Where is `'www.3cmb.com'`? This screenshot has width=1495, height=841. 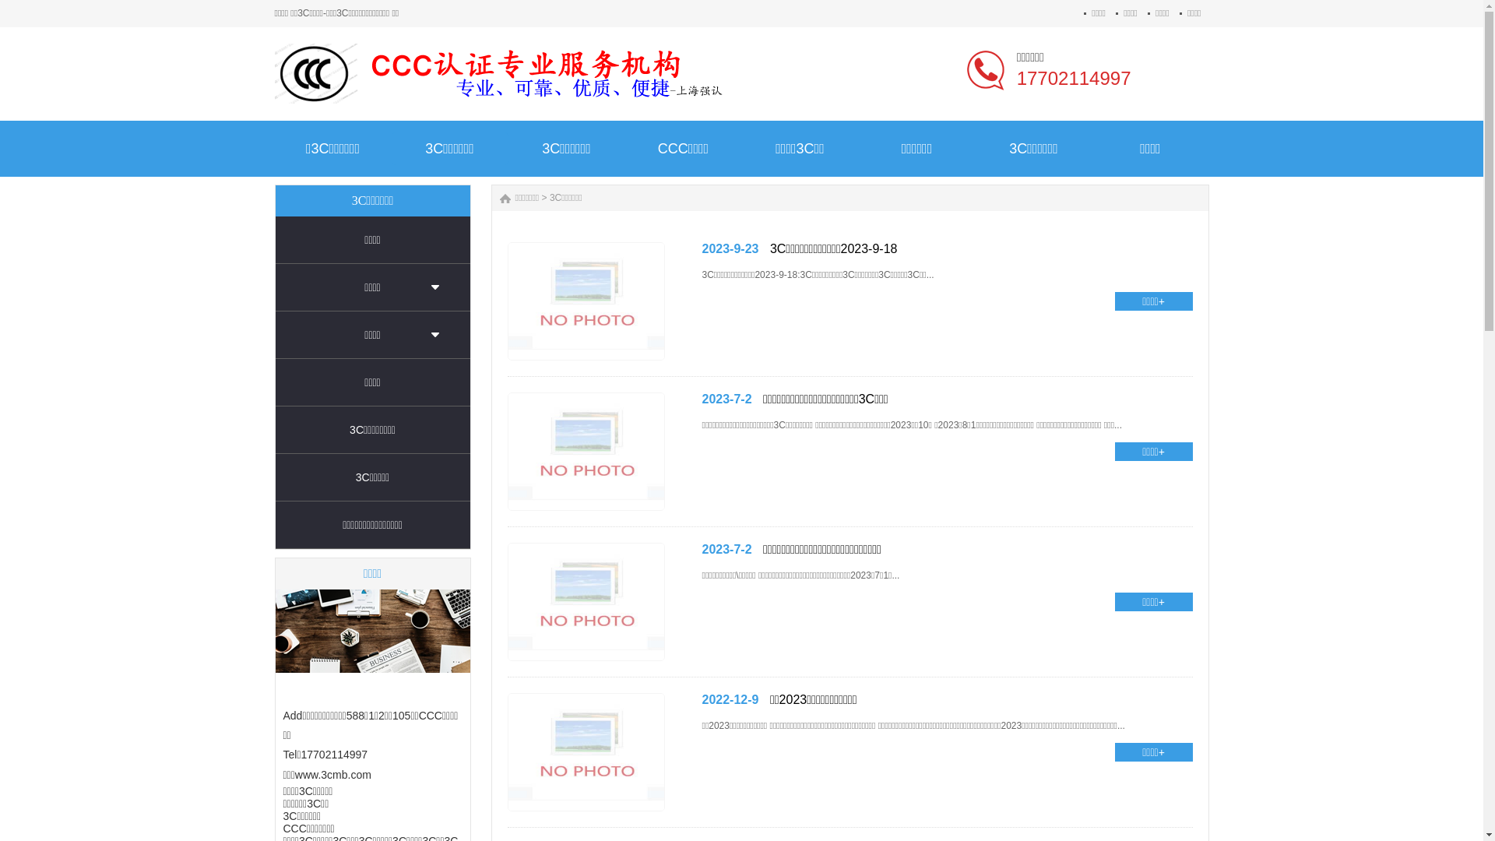 'www.3cmb.com' is located at coordinates (332, 775).